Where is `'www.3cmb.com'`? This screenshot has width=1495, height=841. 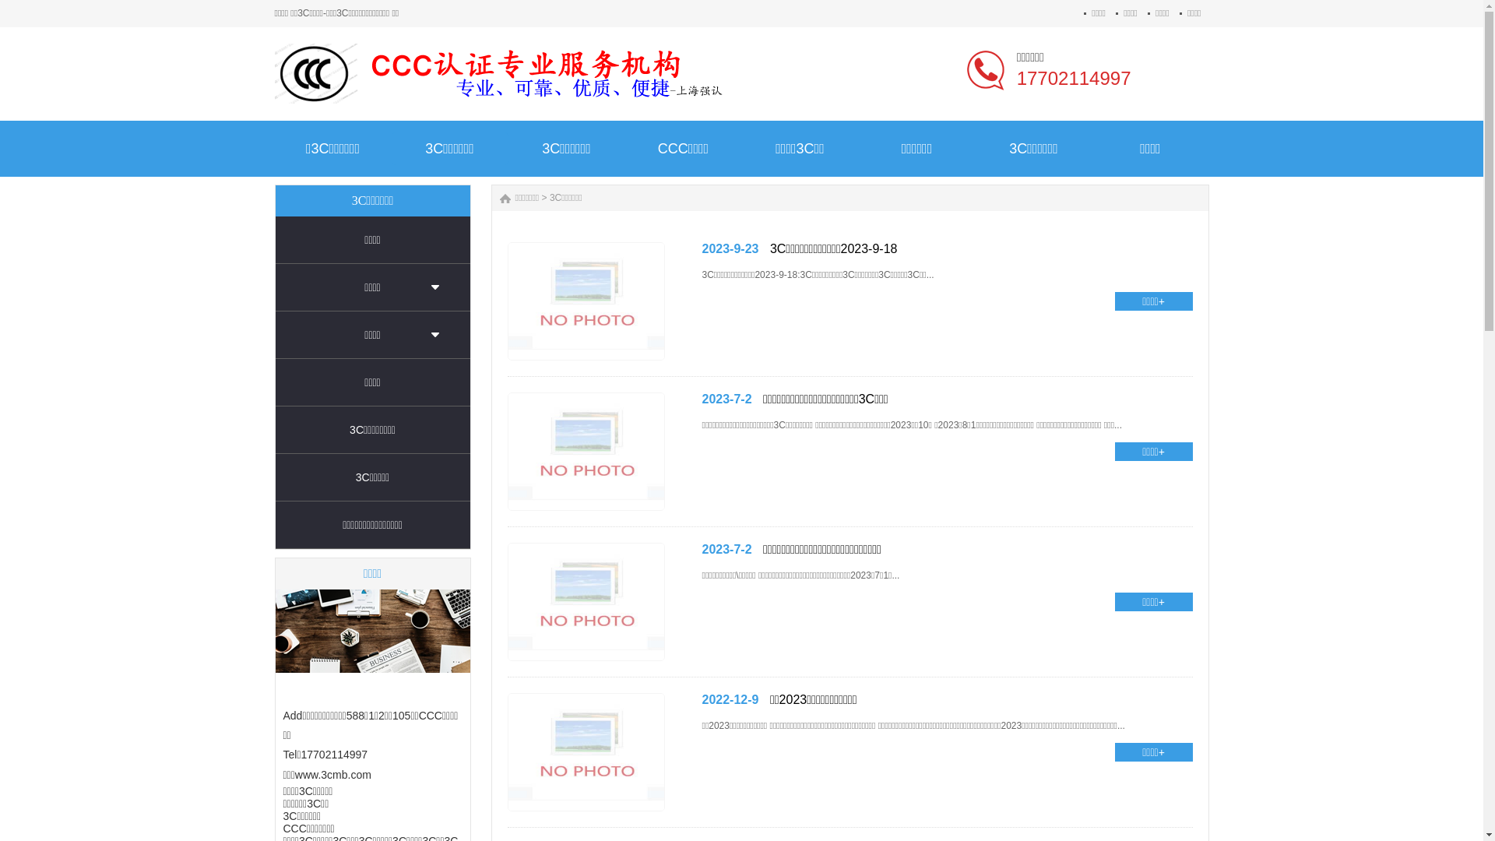 'www.3cmb.com' is located at coordinates (332, 775).